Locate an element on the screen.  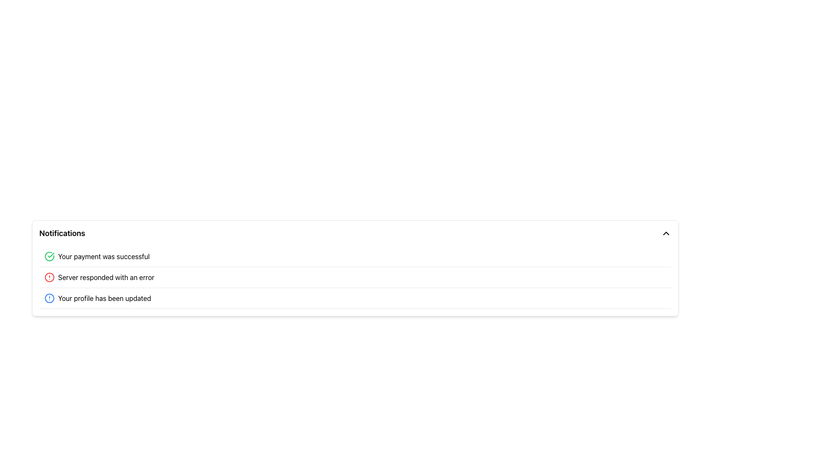
the small upward-pointing chevron icon at the top-right corner of the 'Notifications' section is located at coordinates (666, 233).